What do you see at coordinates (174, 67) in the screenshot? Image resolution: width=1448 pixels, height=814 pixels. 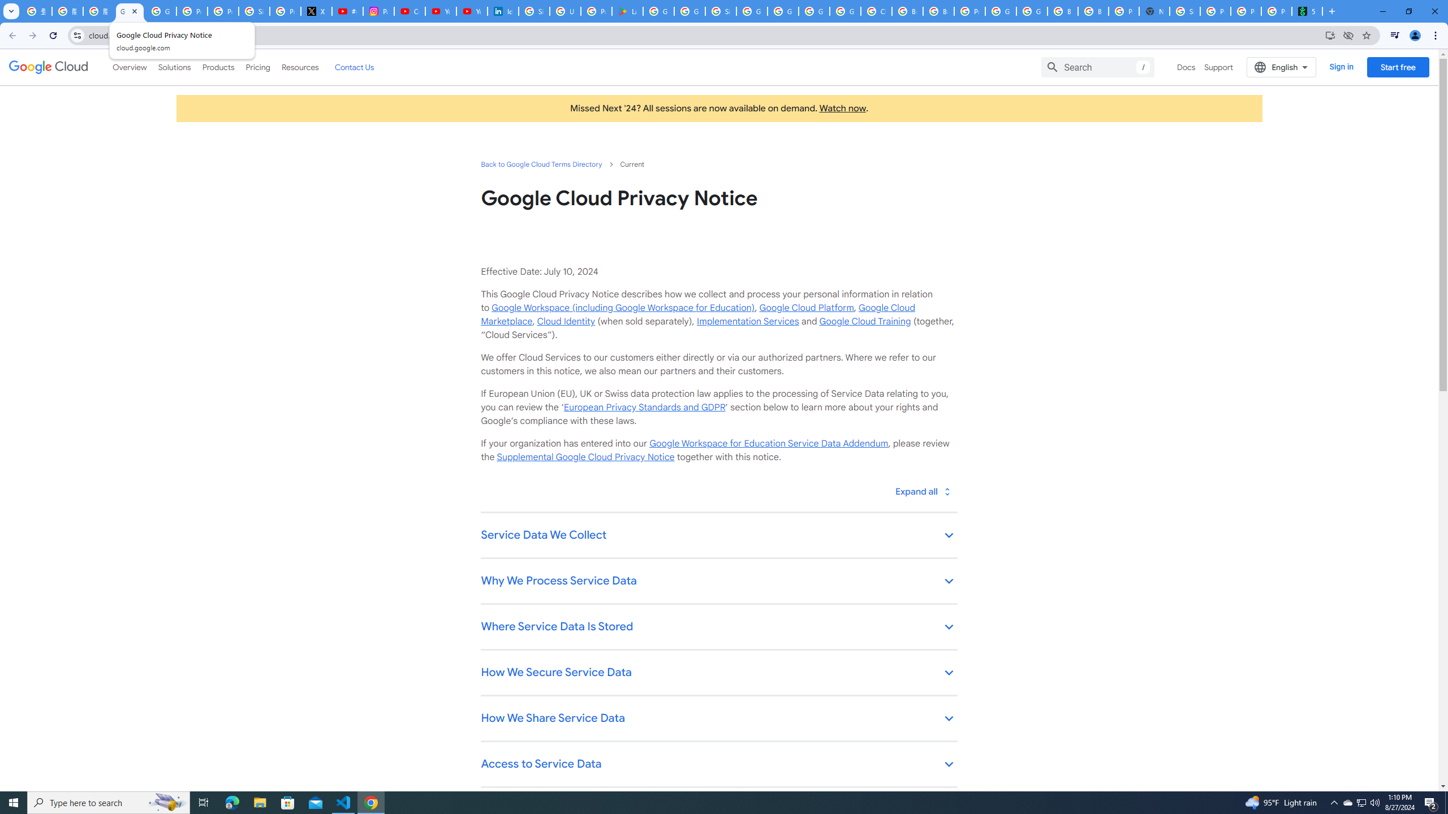 I see `'Solutions'` at bounding box center [174, 67].